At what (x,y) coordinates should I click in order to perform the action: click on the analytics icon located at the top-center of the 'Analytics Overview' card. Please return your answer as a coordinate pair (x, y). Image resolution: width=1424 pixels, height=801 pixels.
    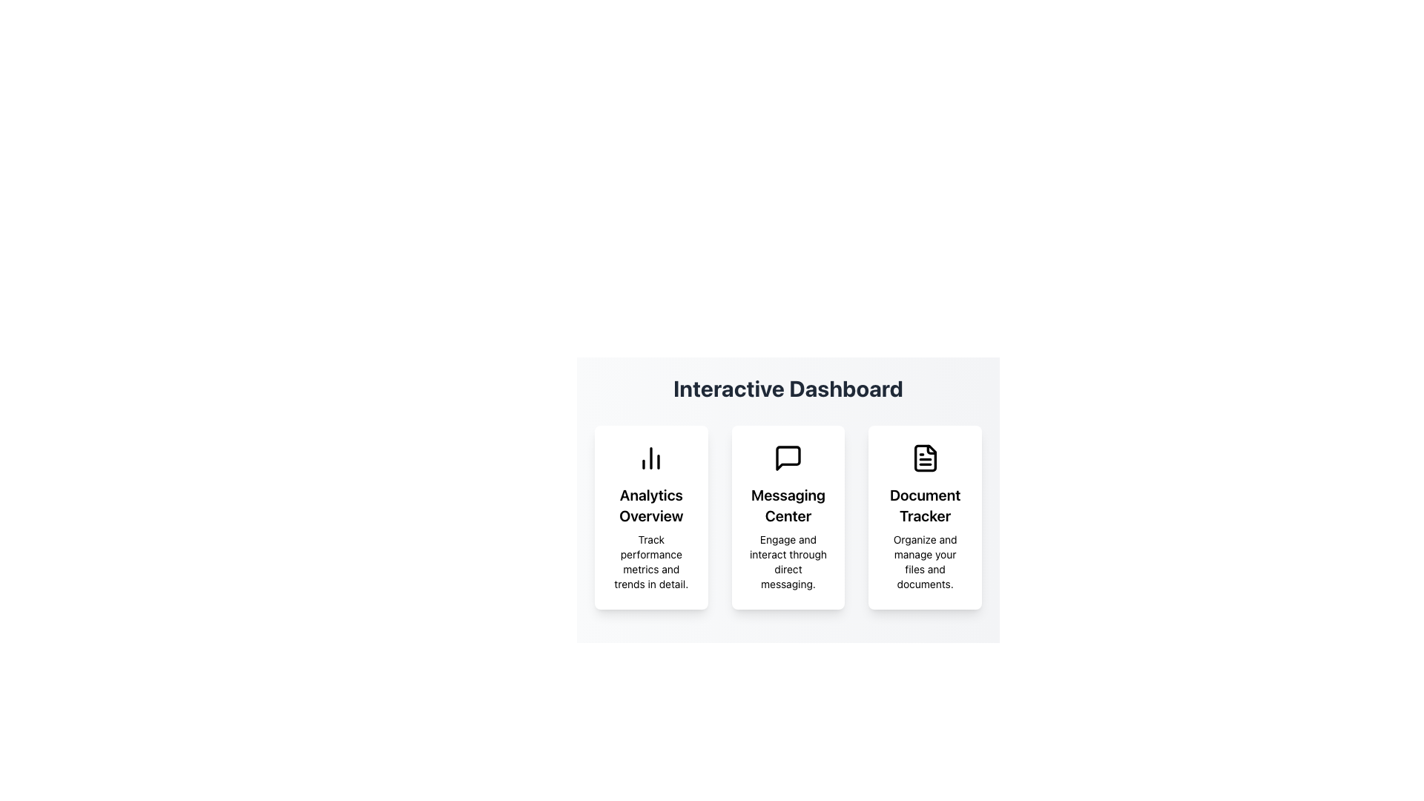
    Looking at the image, I should click on (651, 457).